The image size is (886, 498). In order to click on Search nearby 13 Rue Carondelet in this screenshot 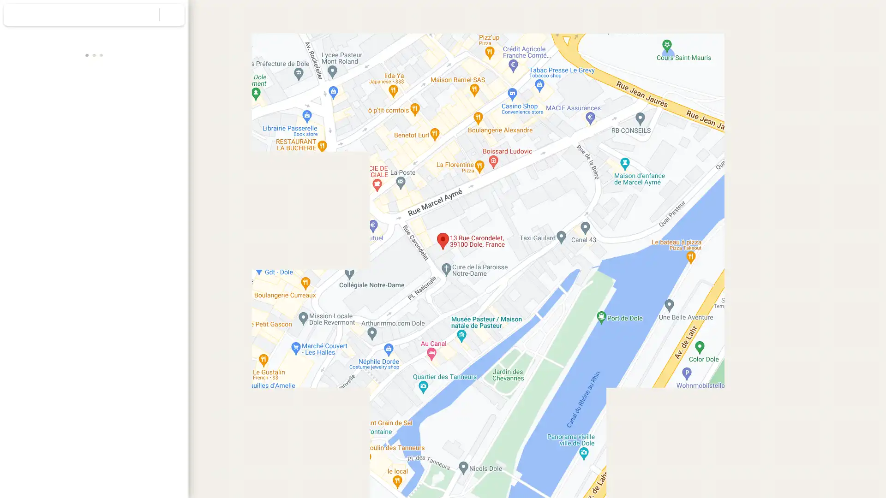, I will do `click(94, 167)`.